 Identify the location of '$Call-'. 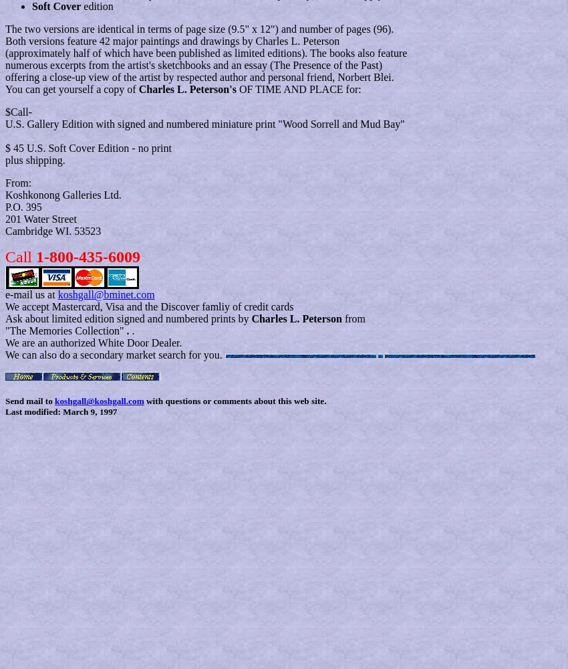
(17, 112).